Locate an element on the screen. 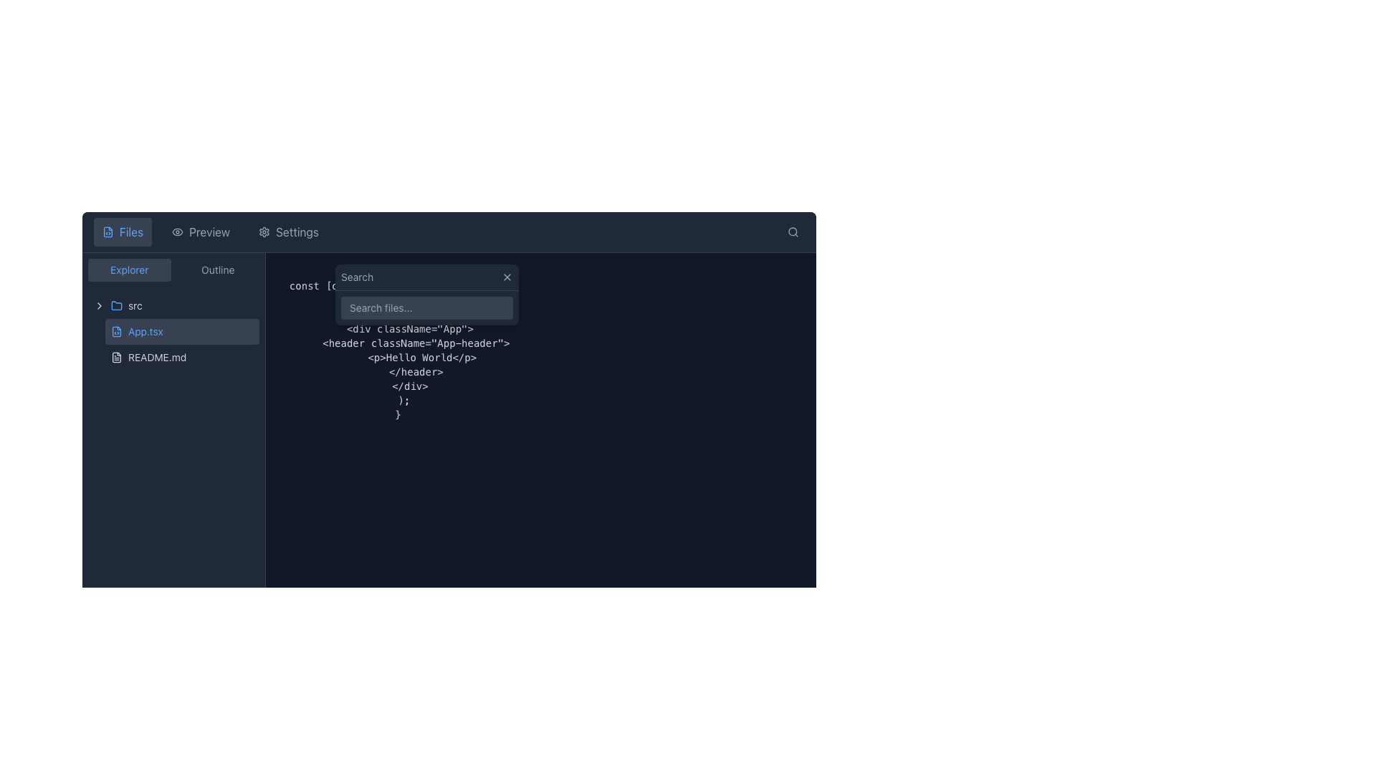 This screenshot has width=1376, height=774. the document icon with a folded top-right corner located in the sidebar next to the 'Explorer' text is located at coordinates (117, 331).